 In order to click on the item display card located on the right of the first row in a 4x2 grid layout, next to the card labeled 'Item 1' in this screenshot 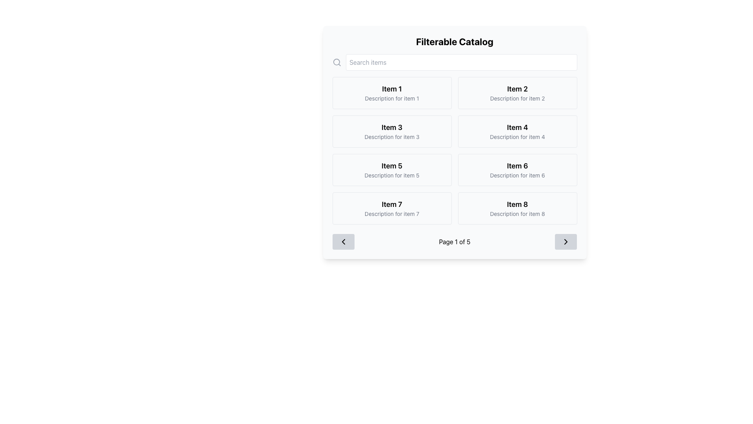, I will do `click(517, 92)`.